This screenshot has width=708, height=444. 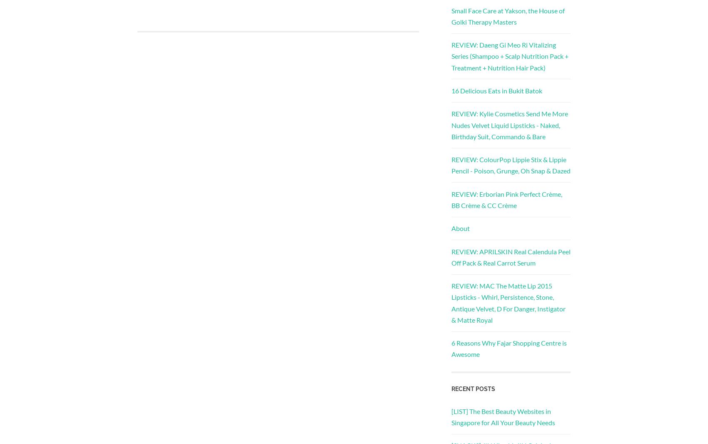 I want to click on 'REVIEW: APRILSKIN Real Calendula Peel Off Pack & Real Carrot Serum', so click(x=511, y=256).